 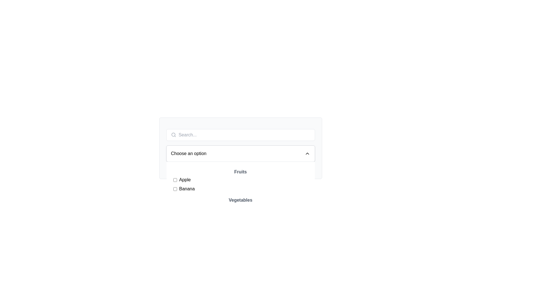 I want to click on the text label indicating the content type 'vegetables' which serves as a category header for the subsequent items, so click(x=240, y=200).